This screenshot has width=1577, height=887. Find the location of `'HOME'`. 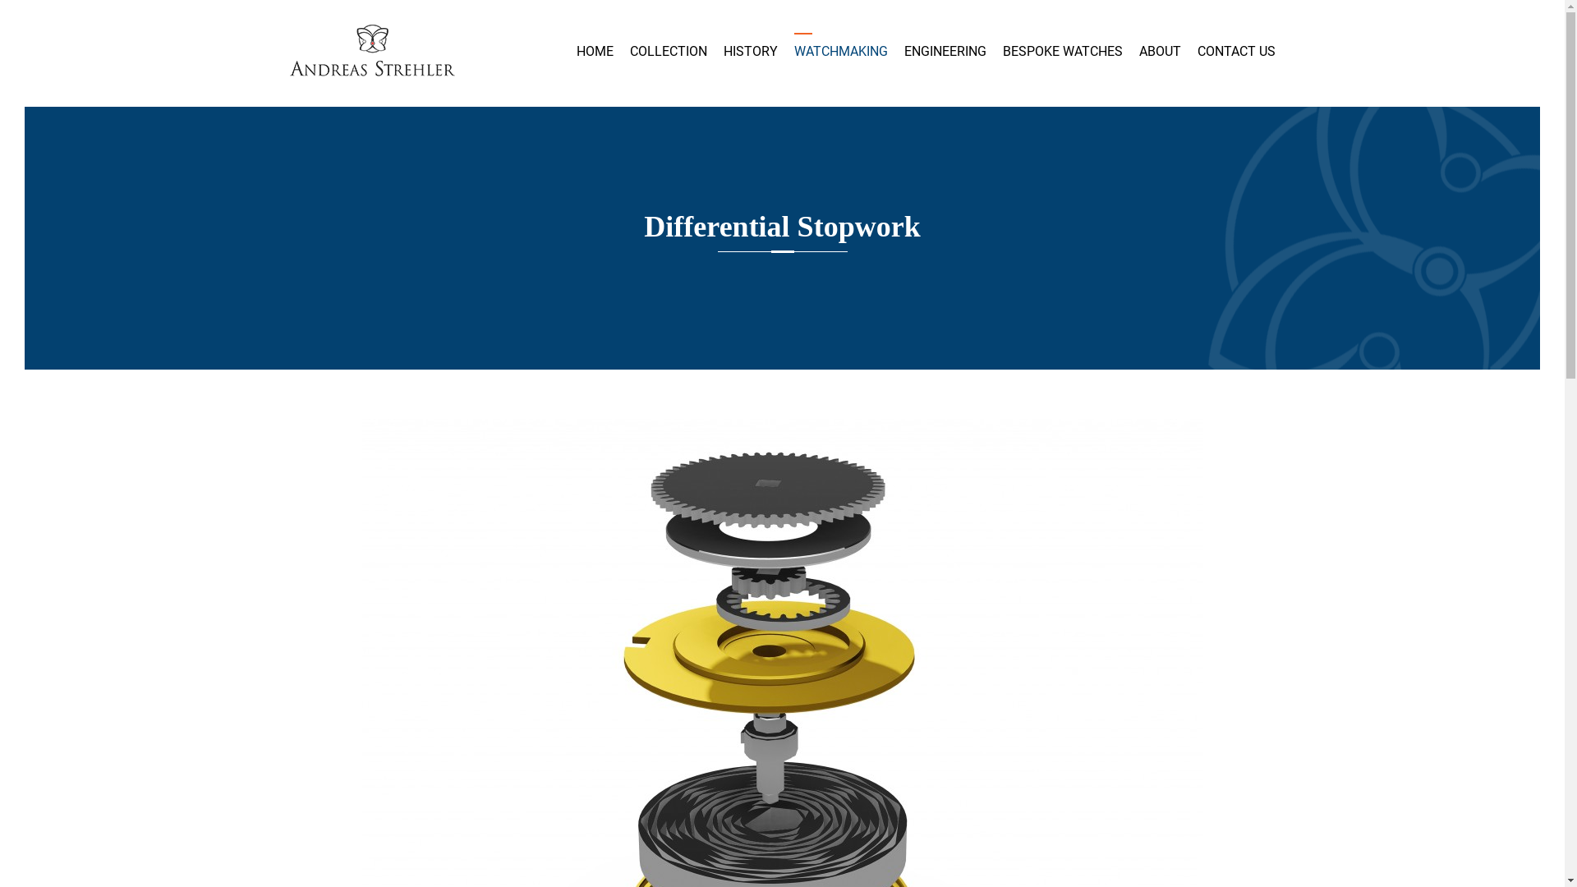

'HOME' is located at coordinates (576, 50).